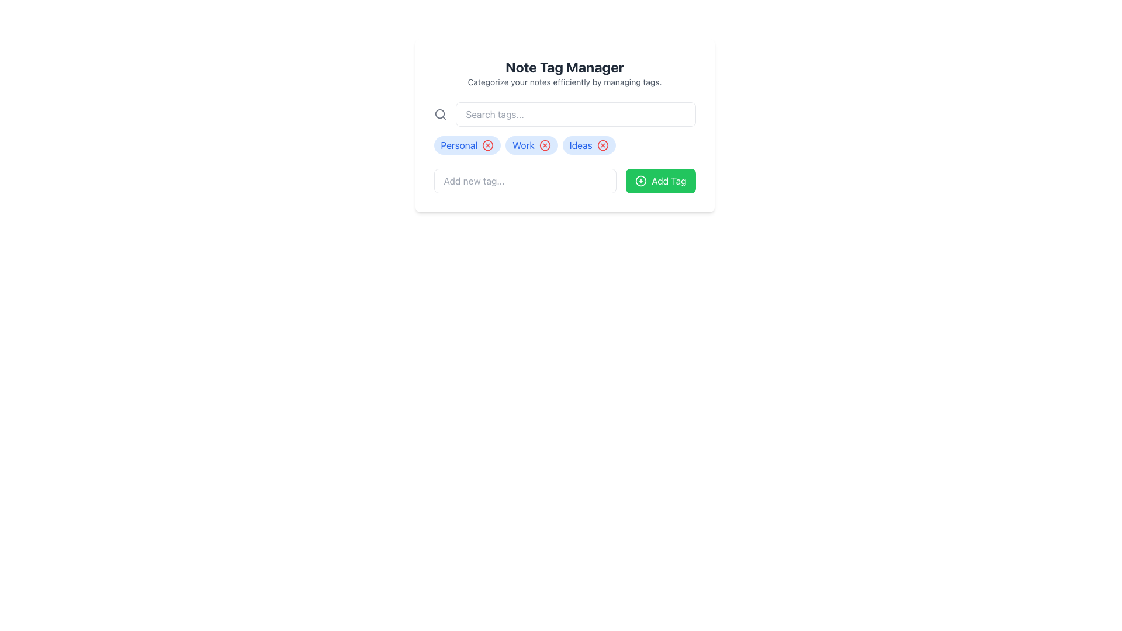  What do you see at coordinates (565, 181) in the screenshot?
I see `the input field in the 'Note Tag Manager' panel to focus it, which is located to the left of the green 'Add Tag' button` at bounding box center [565, 181].